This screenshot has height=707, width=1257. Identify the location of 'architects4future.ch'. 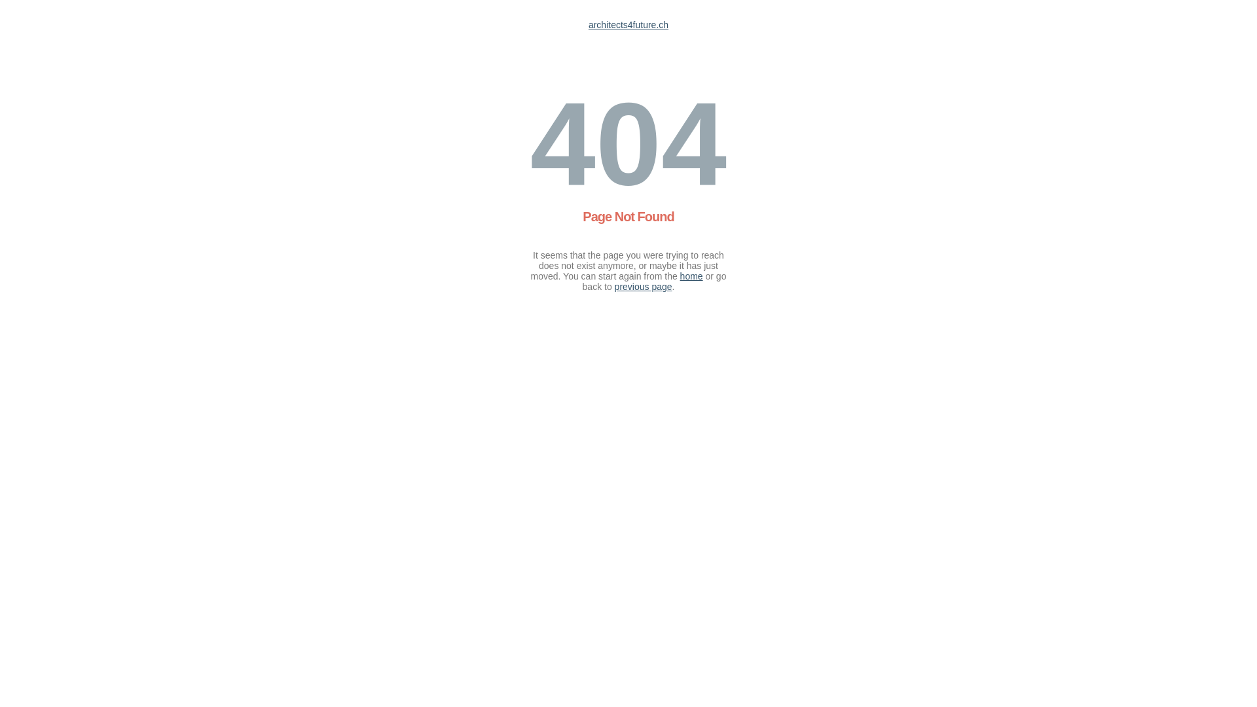
(628, 25).